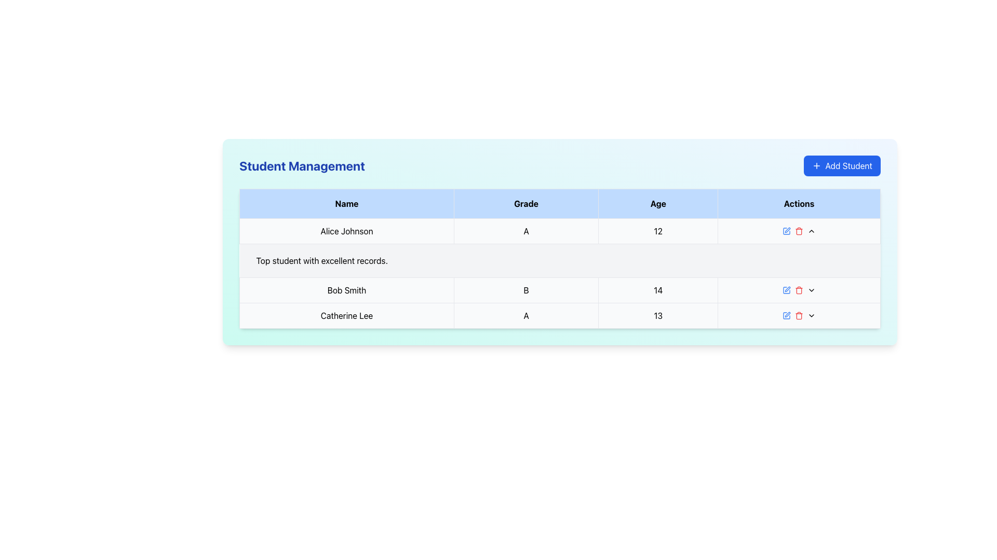  What do you see at coordinates (526, 290) in the screenshot?
I see `the static text display showing the grade of 'Bob Smith', located in the second column of his row, between the 'Name' and 'Age' cells` at bounding box center [526, 290].